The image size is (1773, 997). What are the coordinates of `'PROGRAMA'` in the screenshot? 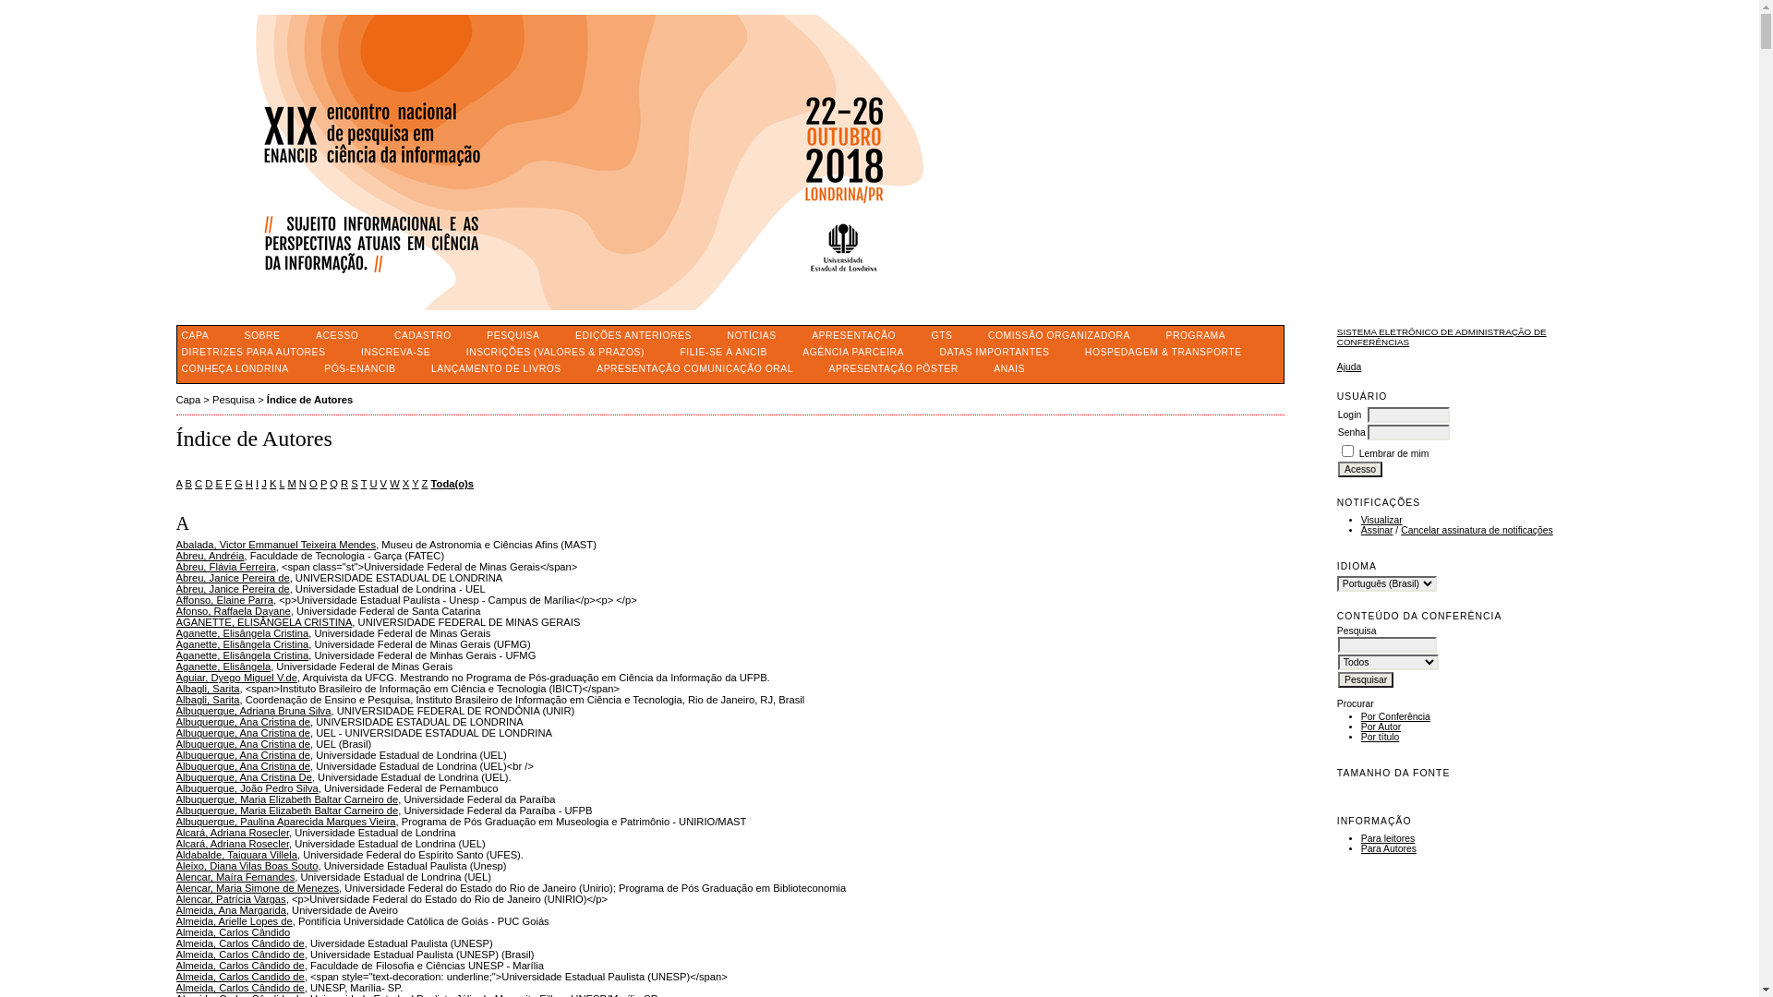 It's located at (1195, 335).